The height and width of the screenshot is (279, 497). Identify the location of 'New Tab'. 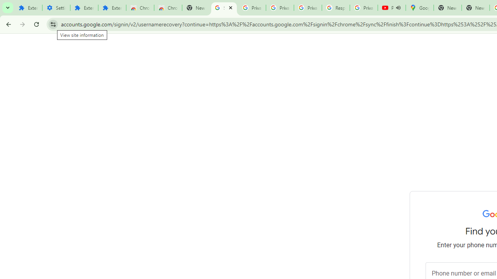
(475, 8).